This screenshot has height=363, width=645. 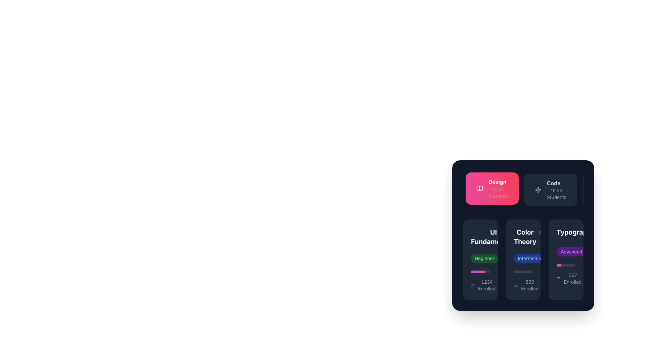 What do you see at coordinates (593, 251) in the screenshot?
I see `the time-related icon located on the right side of the course information panel for 'Typography'` at bounding box center [593, 251].